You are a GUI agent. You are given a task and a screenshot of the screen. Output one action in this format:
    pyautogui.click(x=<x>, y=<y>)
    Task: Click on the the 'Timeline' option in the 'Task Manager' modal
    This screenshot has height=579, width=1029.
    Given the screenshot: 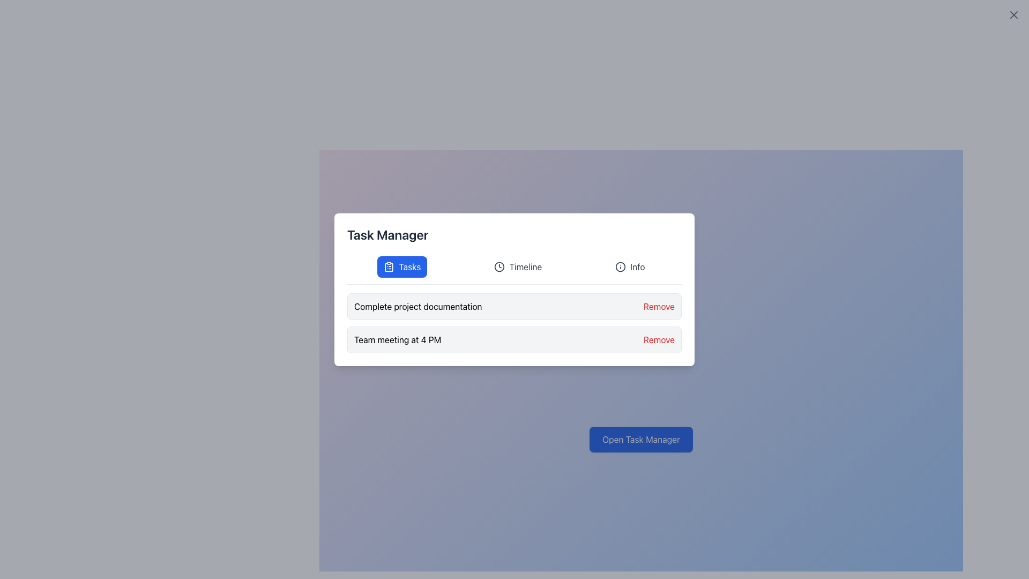 What is the action you would take?
    pyautogui.click(x=514, y=289)
    